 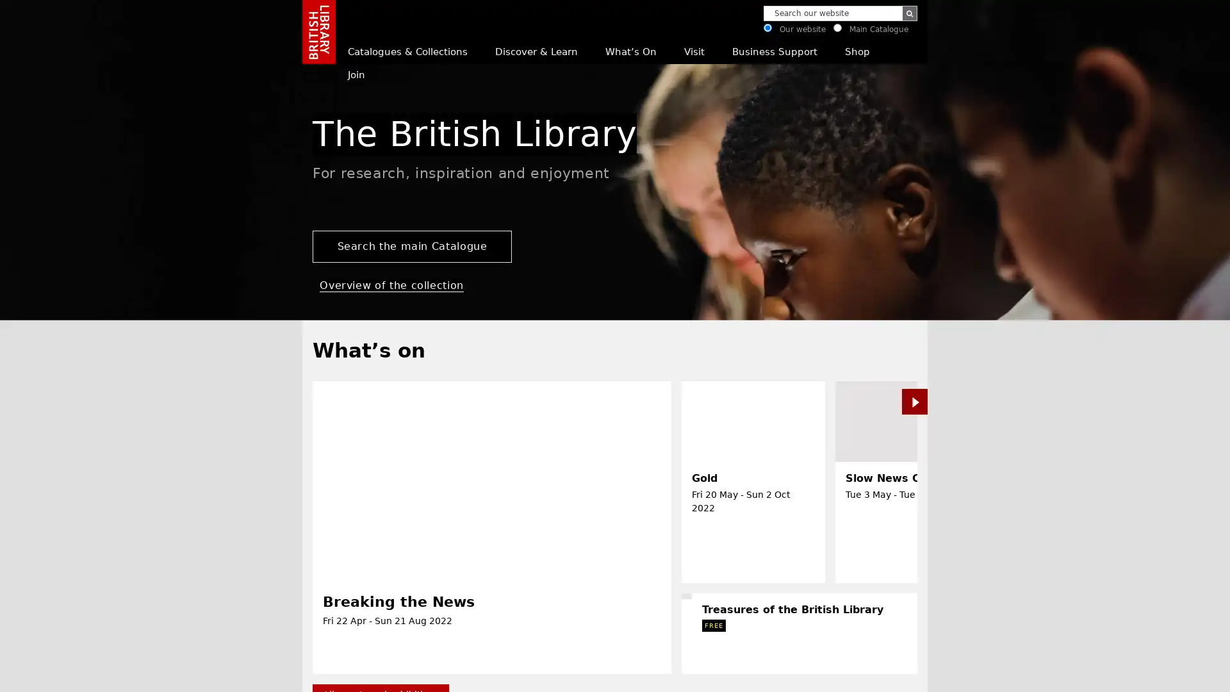 What do you see at coordinates (1138, 673) in the screenshot?
I see `Next` at bounding box center [1138, 673].